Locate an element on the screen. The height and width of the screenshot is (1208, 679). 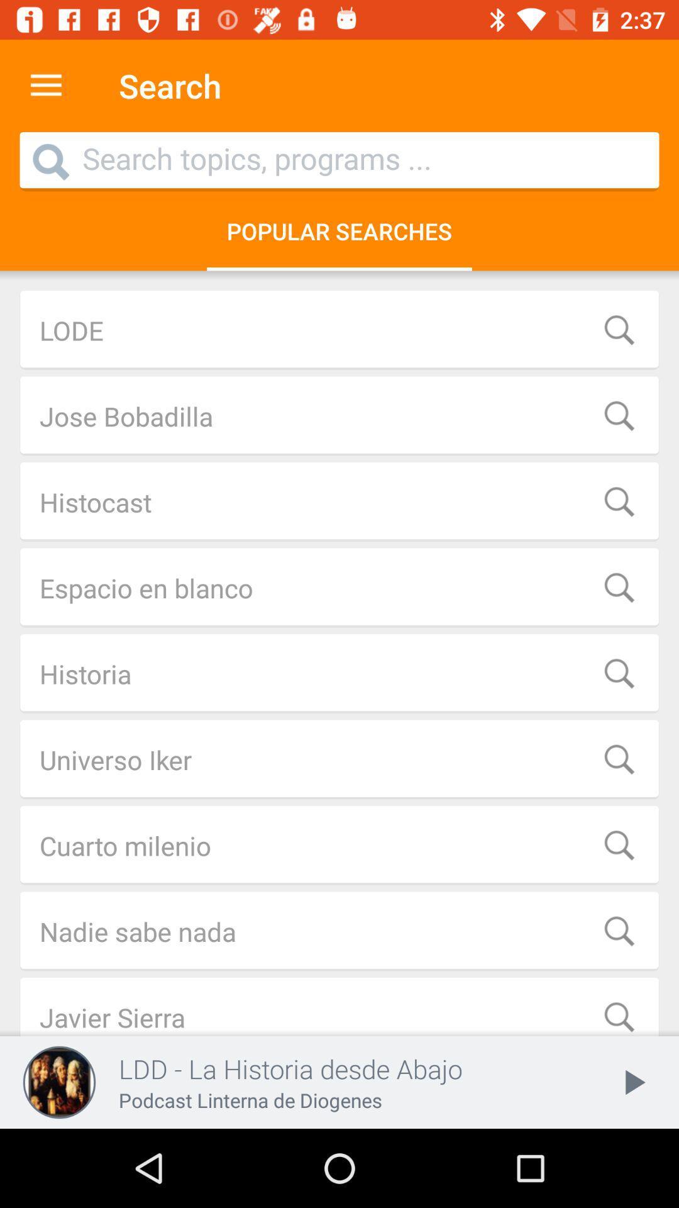
the espacio en blanco item is located at coordinates (339, 587).